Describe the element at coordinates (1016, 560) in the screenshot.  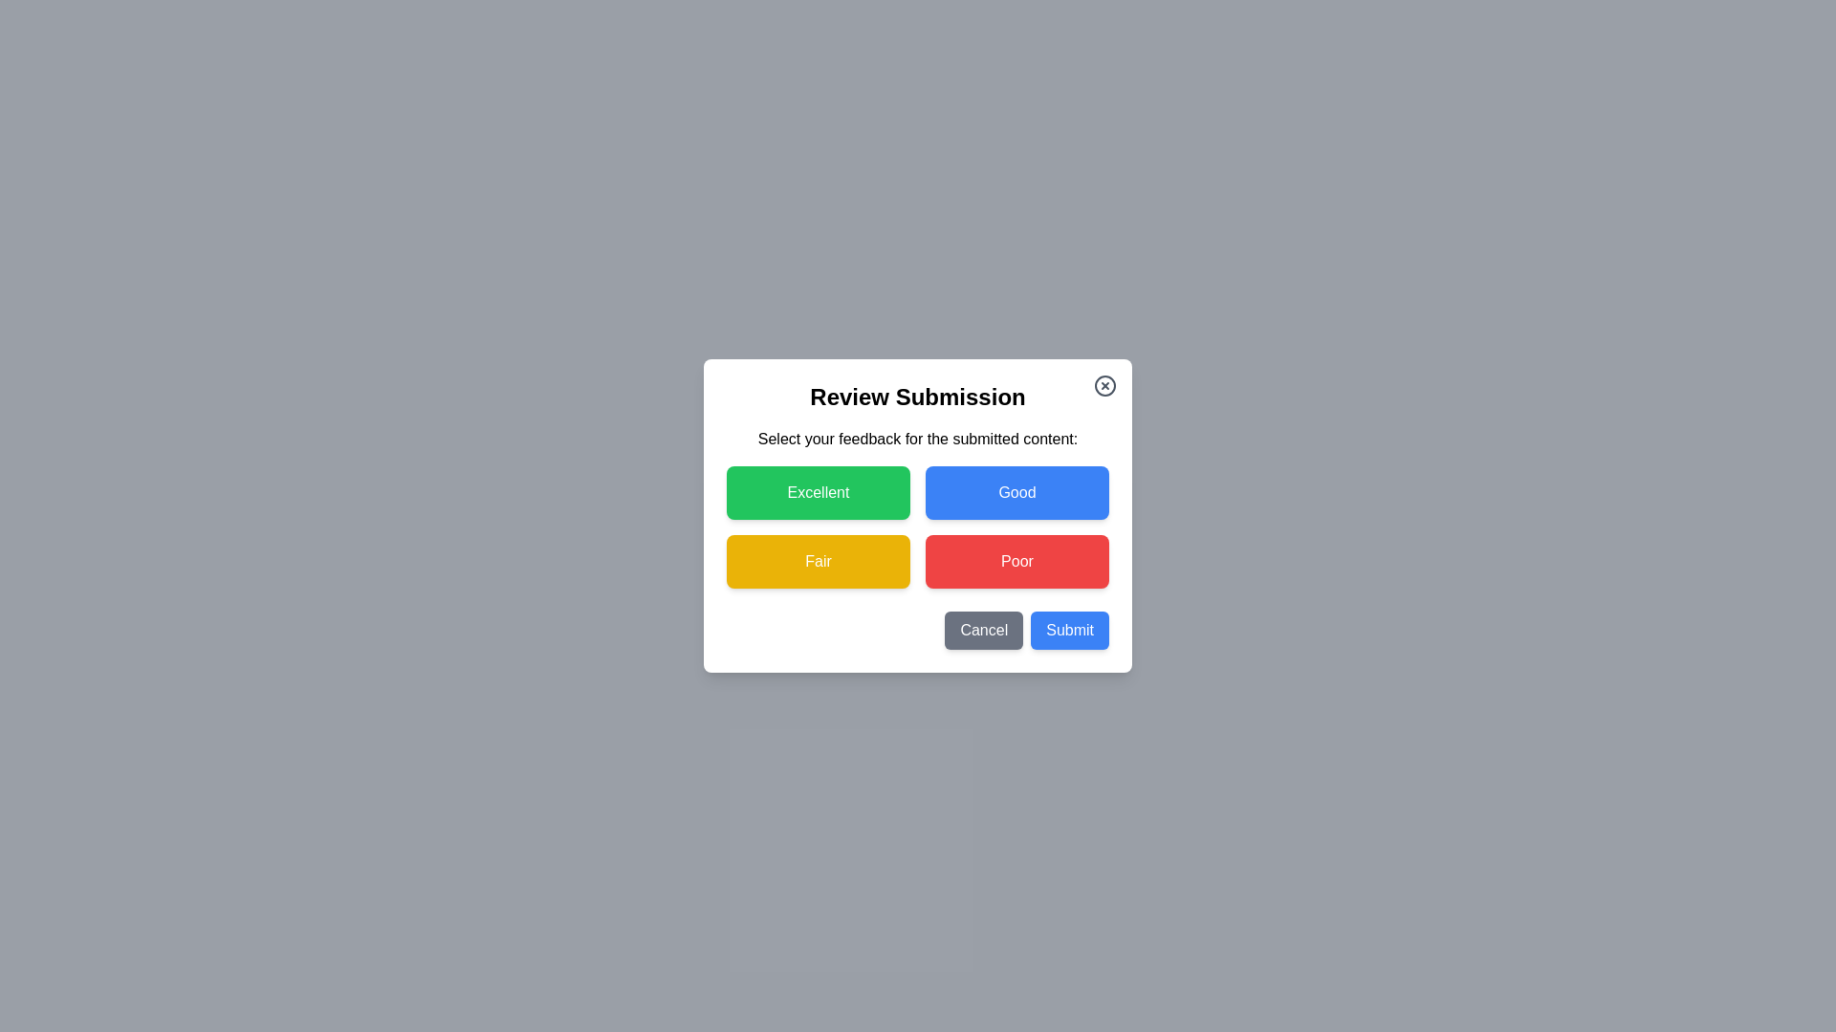
I see `the button labeled Poor to select the corresponding feedback` at that location.